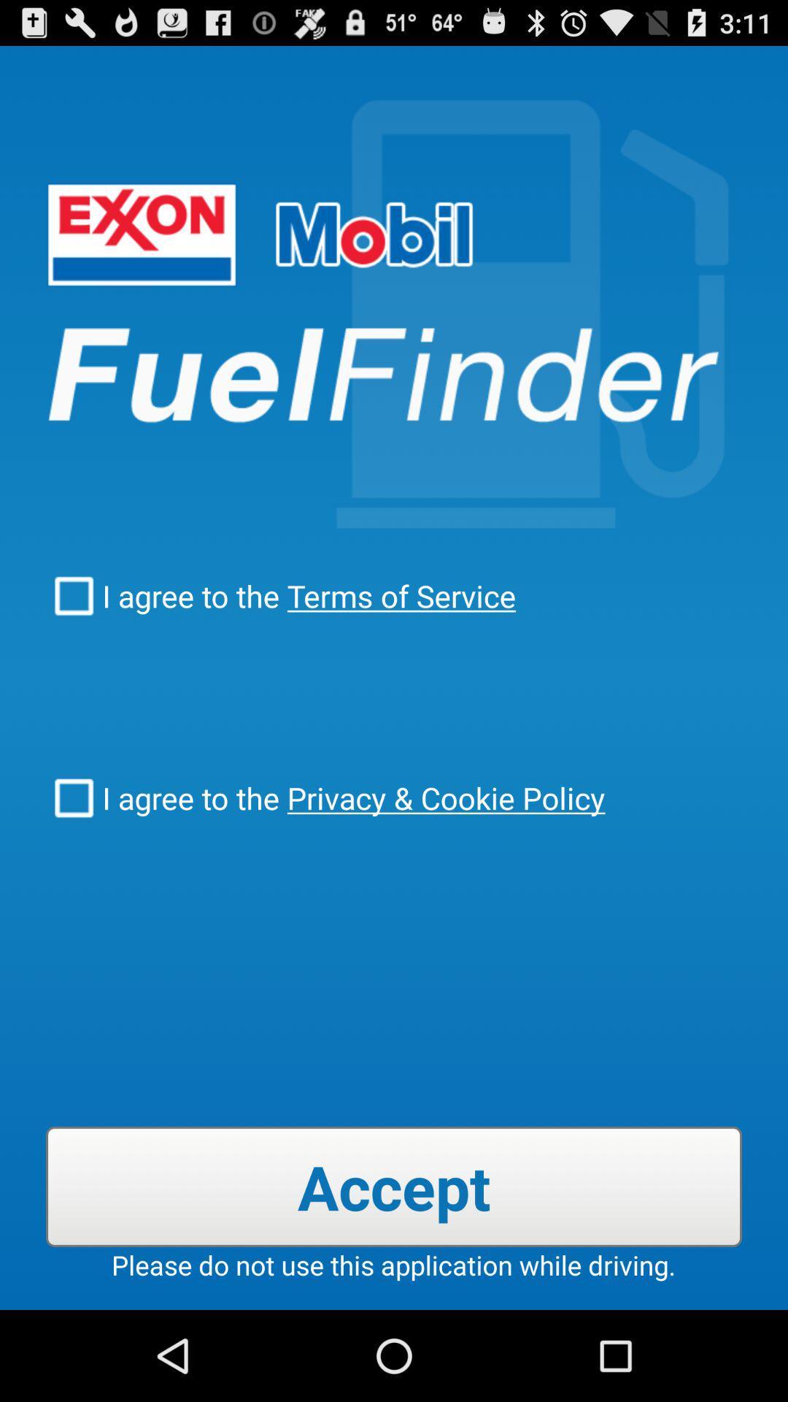 The height and width of the screenshot is (1402, 788). I want to click on icon above accept button, so click(441, 797).